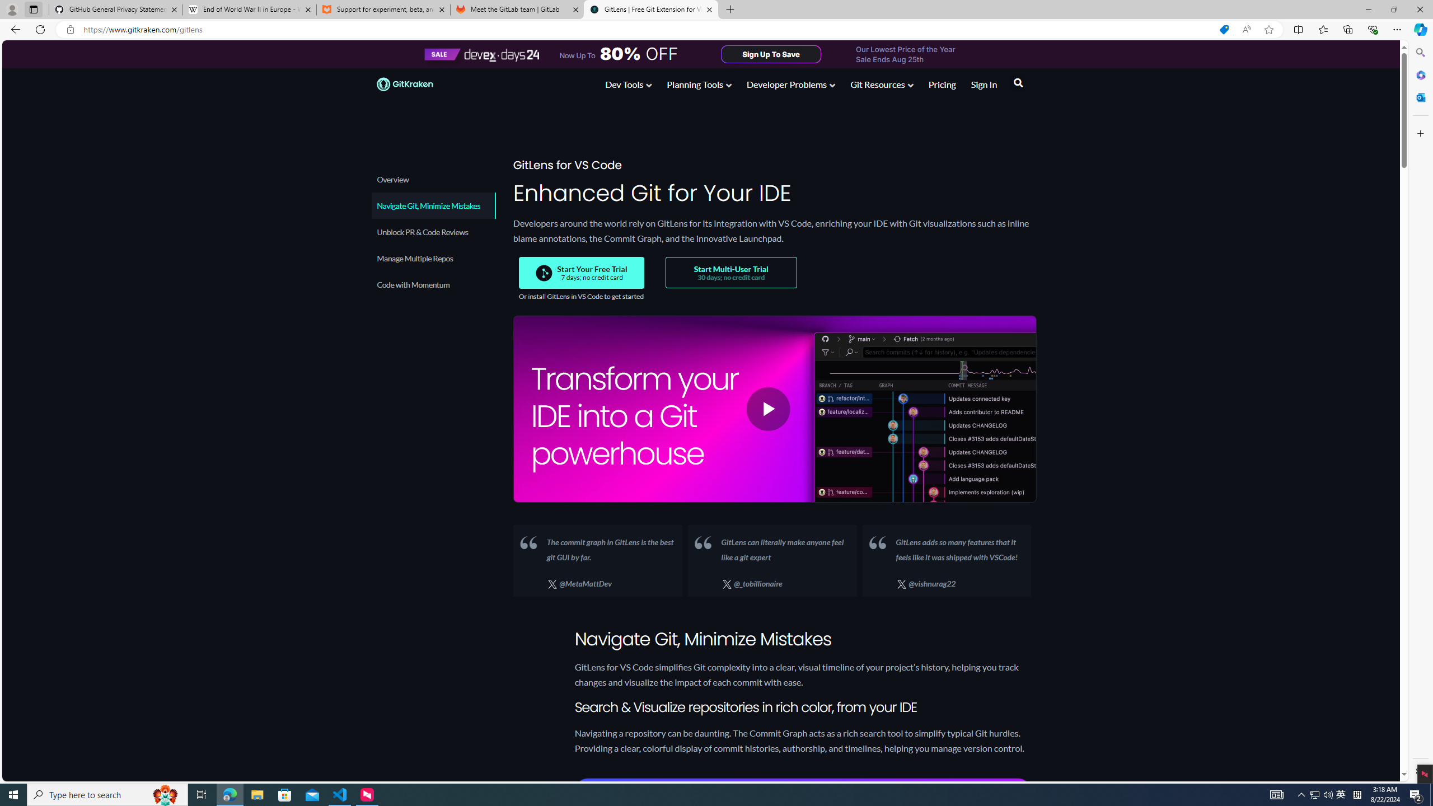 Image resolution: width=1433 pixels, height=806 pixels. Describe the element at coordinates (650, 9) in the screenshot. I see `'GitLens | Free Git Extension for Visual Studio Code'` at that location.